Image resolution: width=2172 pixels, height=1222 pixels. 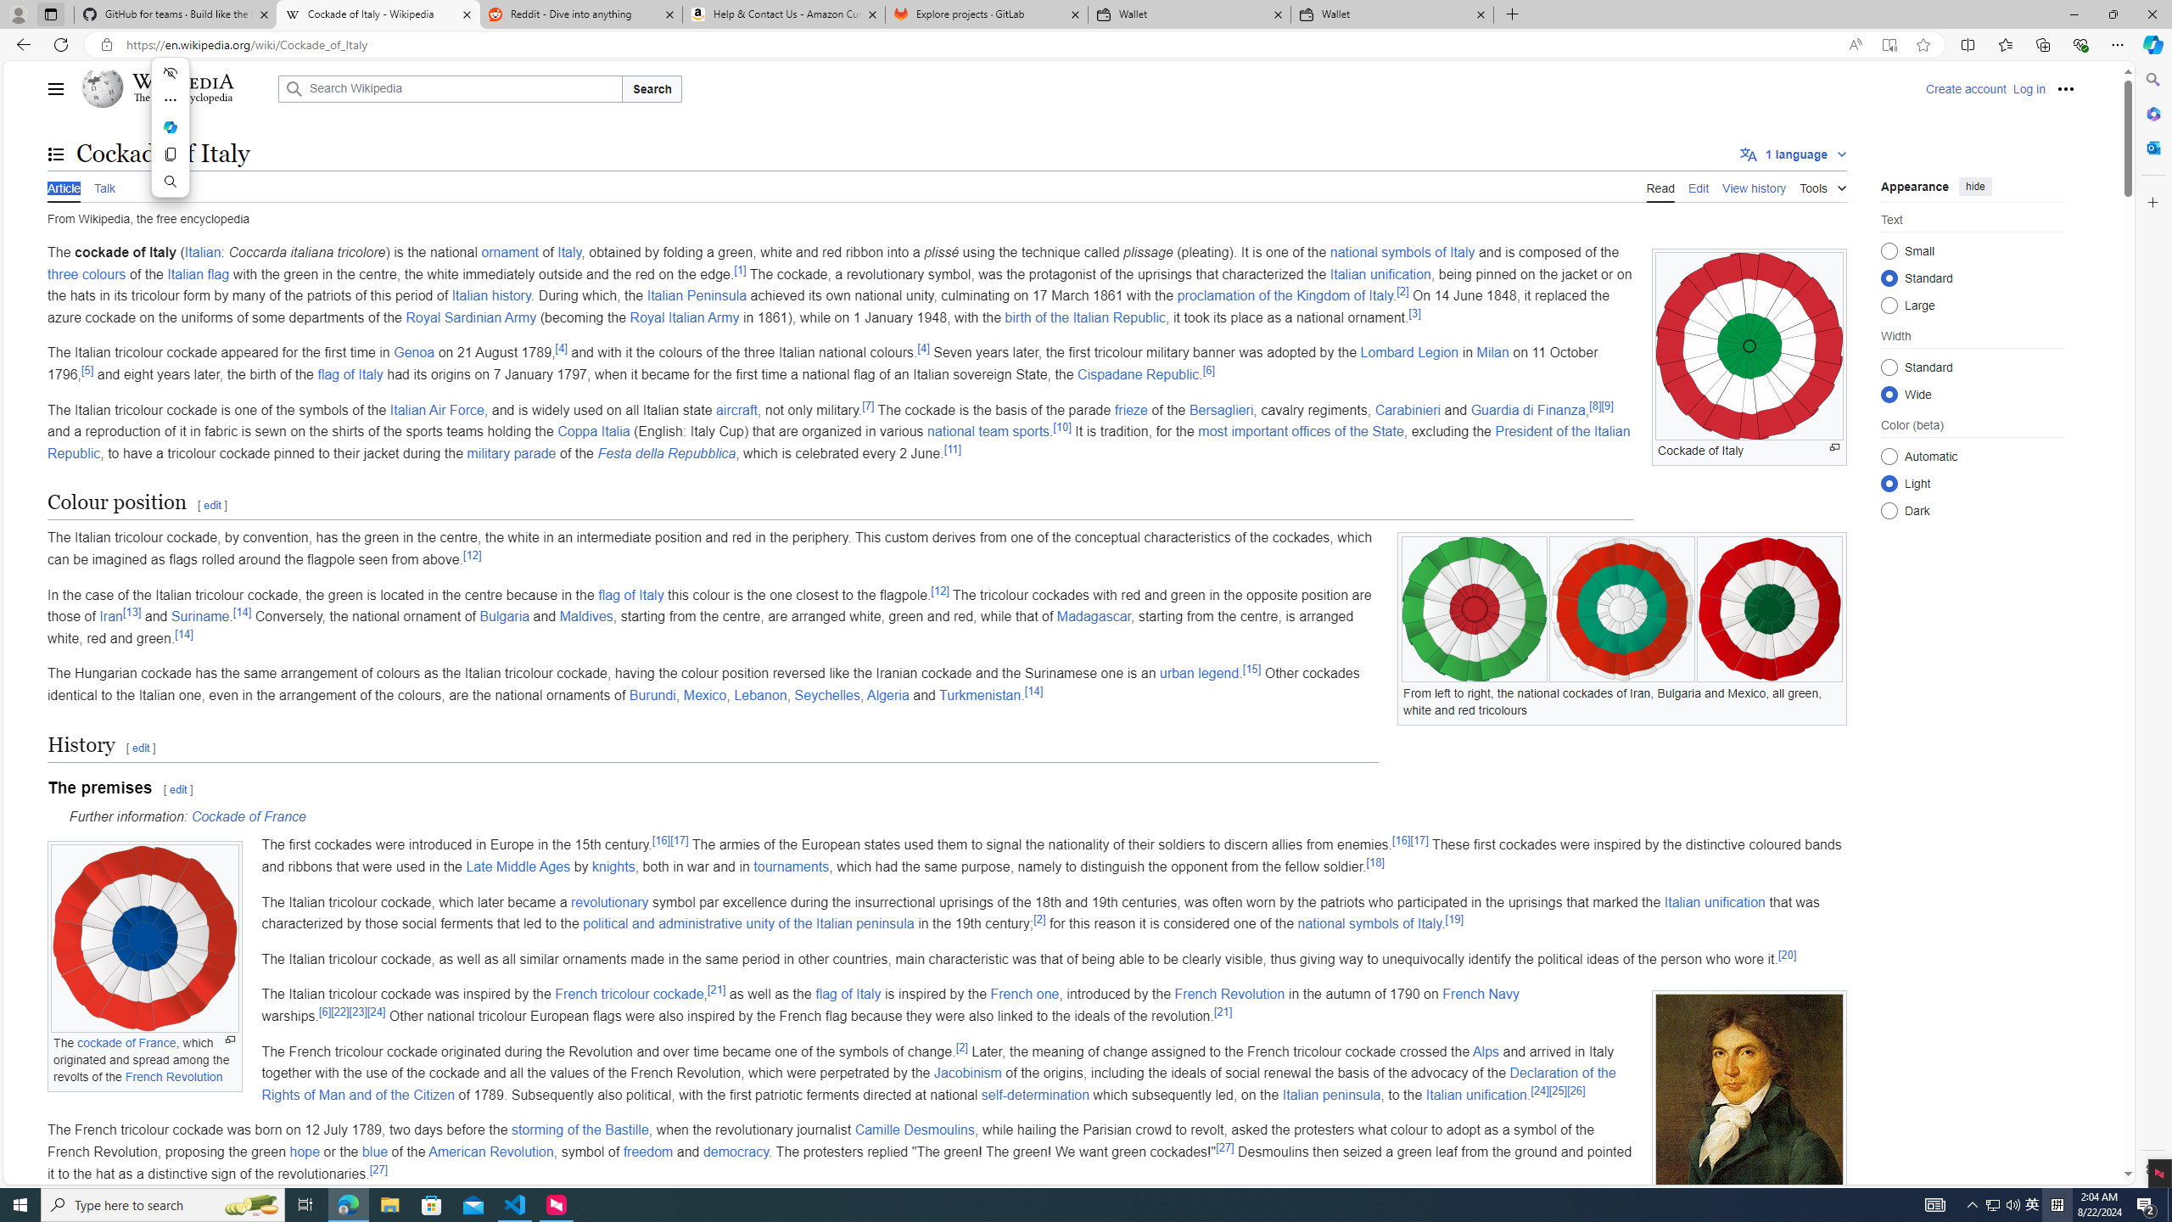 What do you see at coordinates (570, 253) in the screenshot?
I see `'Italy'` at bounding box center [570, 253].